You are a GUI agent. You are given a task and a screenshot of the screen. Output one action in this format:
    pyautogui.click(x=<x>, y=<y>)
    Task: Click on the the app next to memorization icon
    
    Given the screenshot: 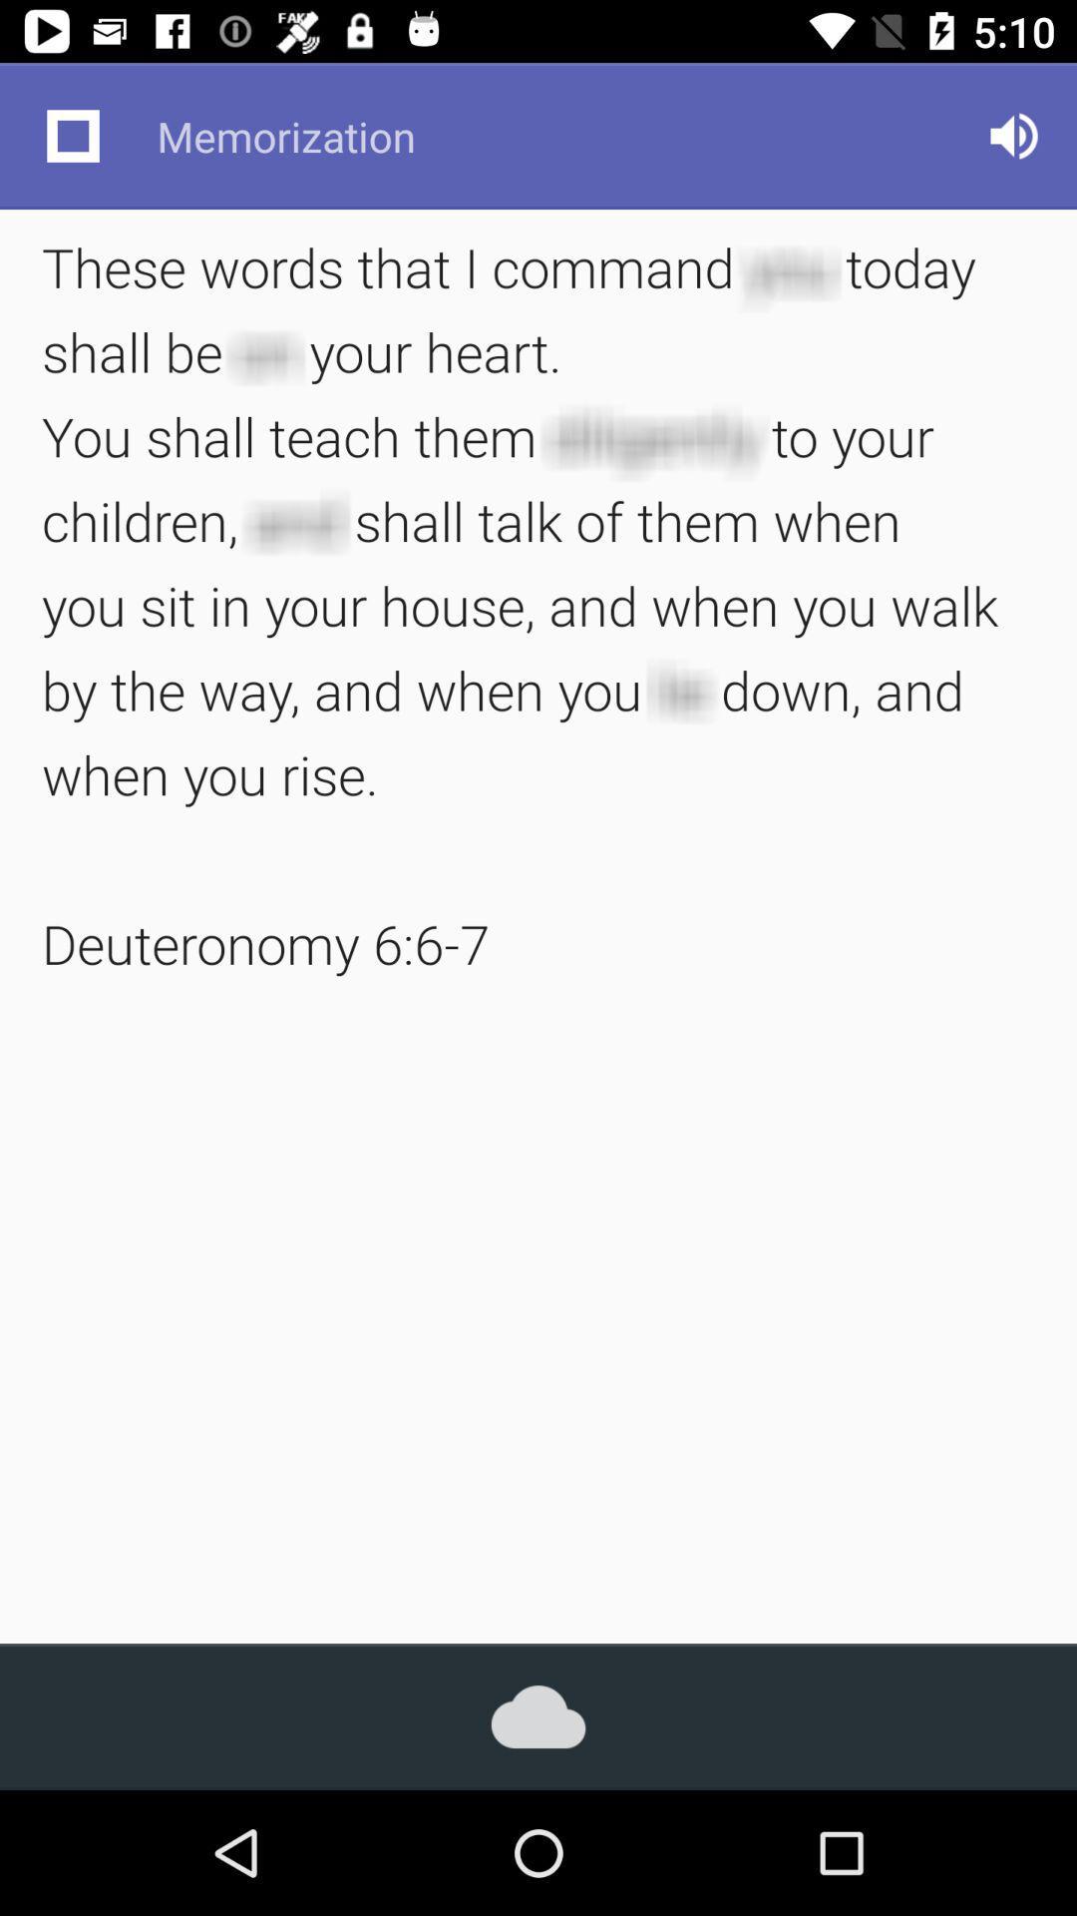 What is the action you would take?
    pyautogui.click(x=1014, y=135)
    